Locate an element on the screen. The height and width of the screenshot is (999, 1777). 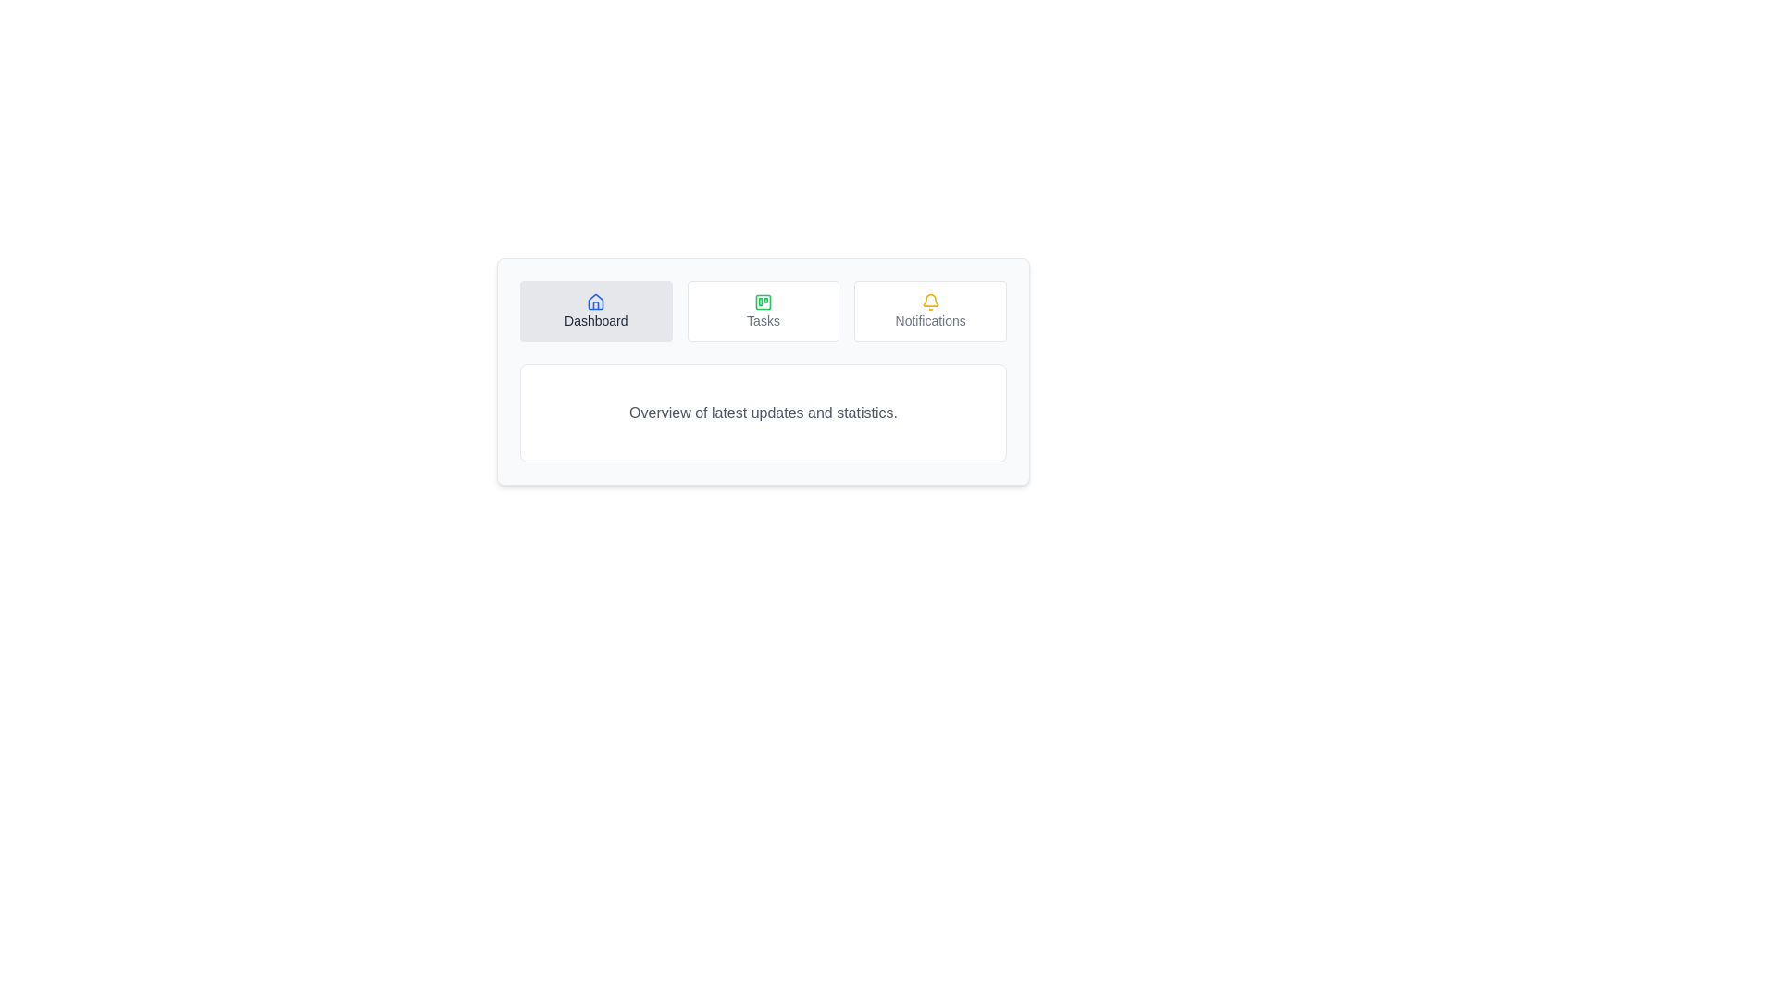
the Notifications tab by clicking its button is located at coordinates (931, 310).